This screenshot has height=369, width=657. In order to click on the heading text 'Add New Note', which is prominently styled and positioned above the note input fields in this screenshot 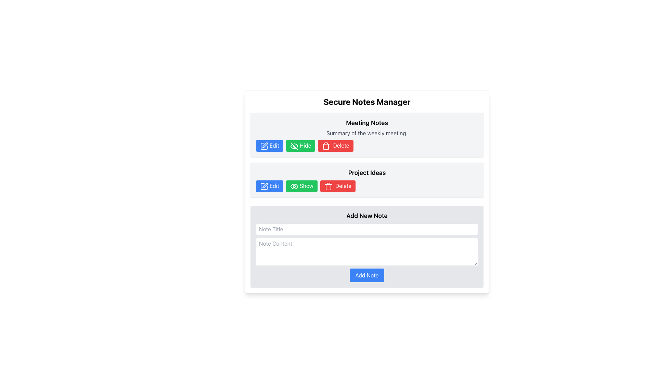, I will do `click(366, 216)`.